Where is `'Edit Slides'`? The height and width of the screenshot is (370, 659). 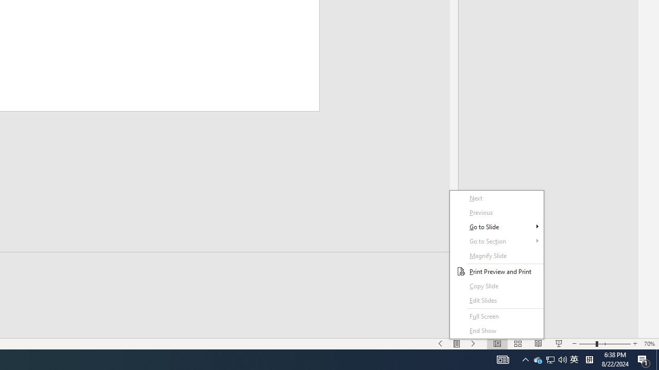 'Edit Slides' is located at coordinates (497, 301).